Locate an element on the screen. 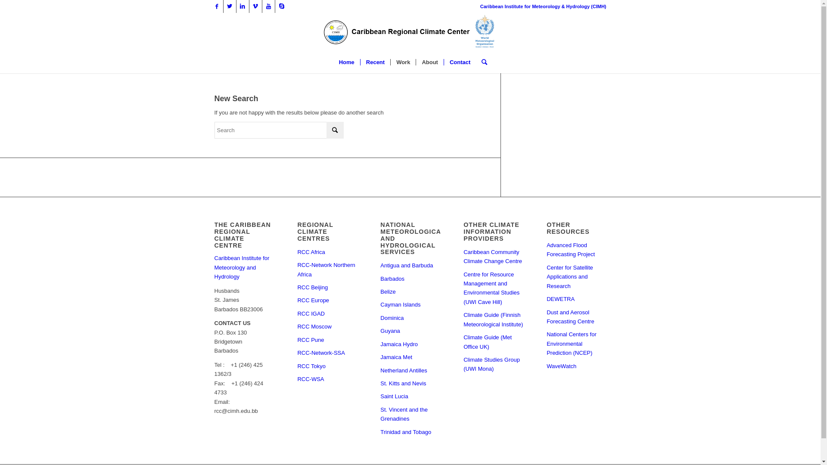 This screenshot has height=465, width=827. 'RCC-WSA' is located at coordinates (326, 378).